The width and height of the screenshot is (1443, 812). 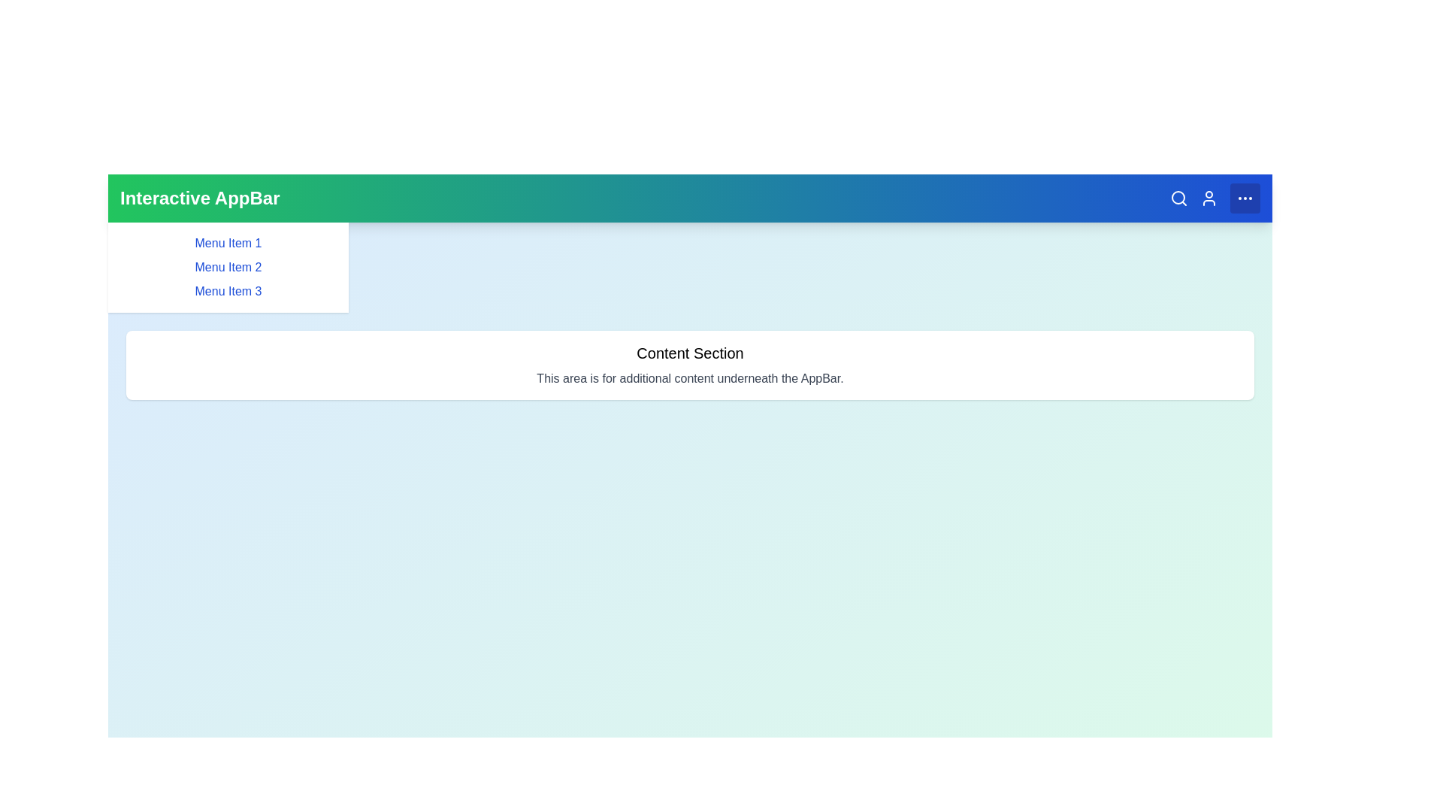 I want to click on the header title 'Interactive AppBar', so click(x=198, y=197).